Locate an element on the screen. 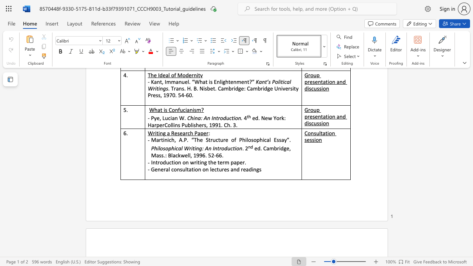 This screenshot has width=473, height=266. the subset text "nsultation ses" within the text "Consultation session" is located at coordinates (310, 133).